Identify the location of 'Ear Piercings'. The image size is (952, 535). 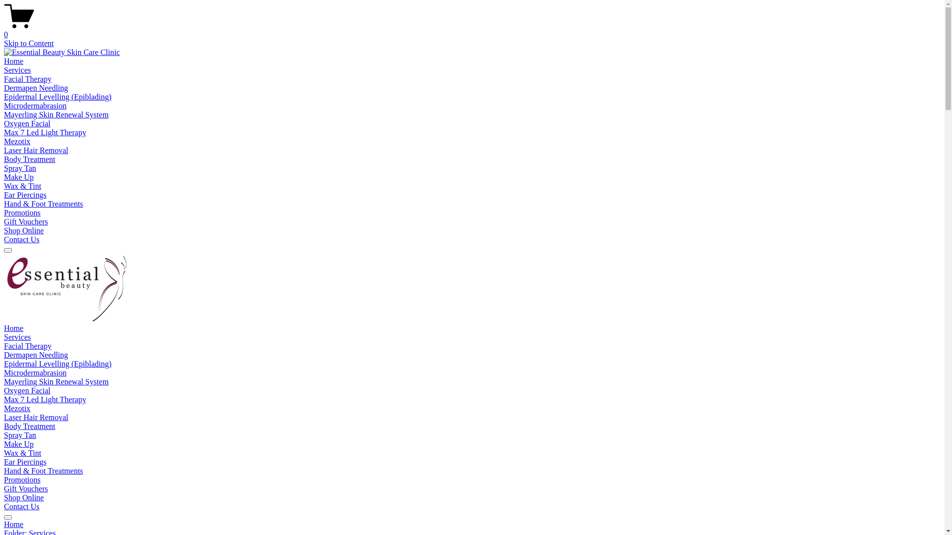
(4, 195).